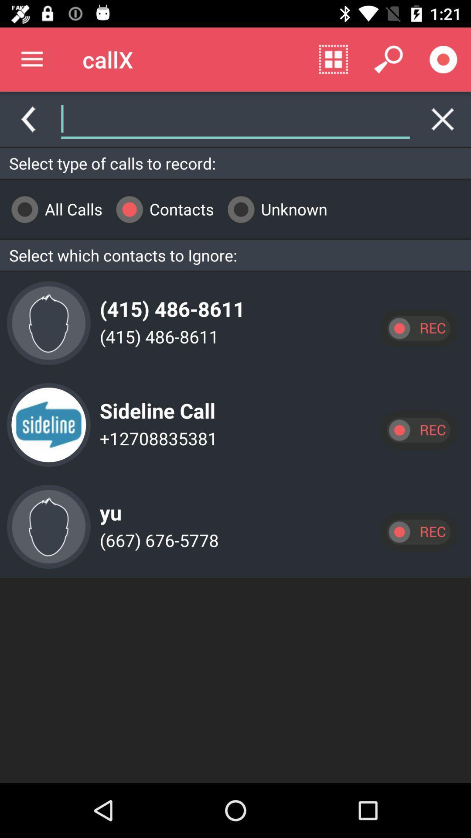  Describe the element at coordinates (329, 119) in the screenshot. I see `filter app` at that location.